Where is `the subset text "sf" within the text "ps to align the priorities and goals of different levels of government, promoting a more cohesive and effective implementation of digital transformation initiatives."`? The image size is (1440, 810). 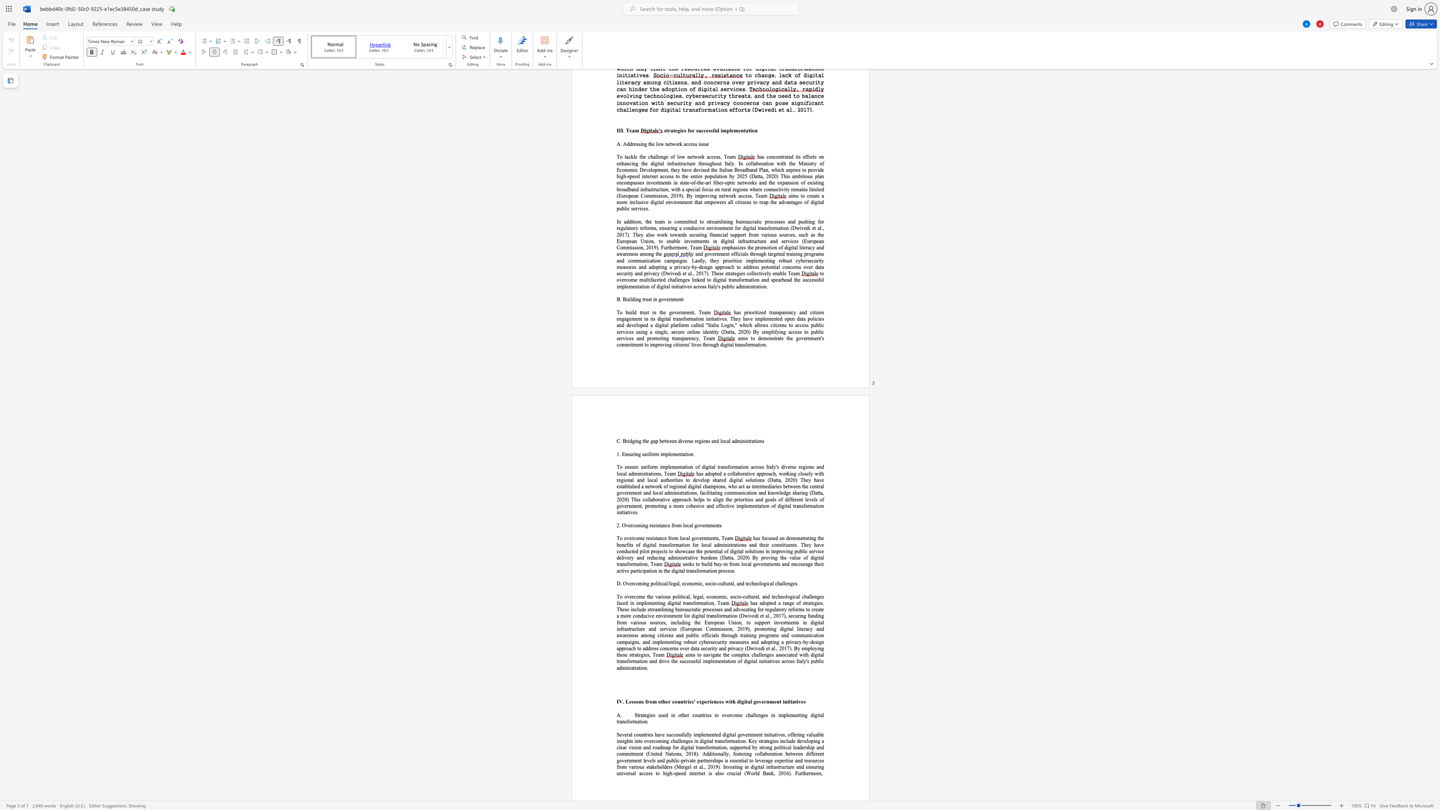 the subset text "sf" within the text "ps to align the priorities and goals of different levels of government, promoting a more cohesive and effective implementation of digital transformation initiatives." is located at coordinates (800, 505).